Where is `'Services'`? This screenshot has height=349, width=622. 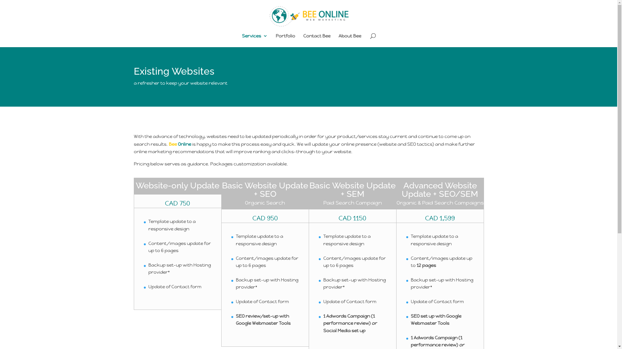 'Services' is located at coordinates (254, 40).